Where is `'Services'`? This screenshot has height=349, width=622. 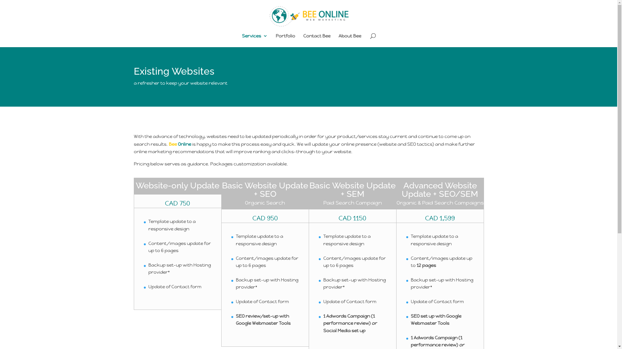 'Services' is located at coordinates (254, 40).